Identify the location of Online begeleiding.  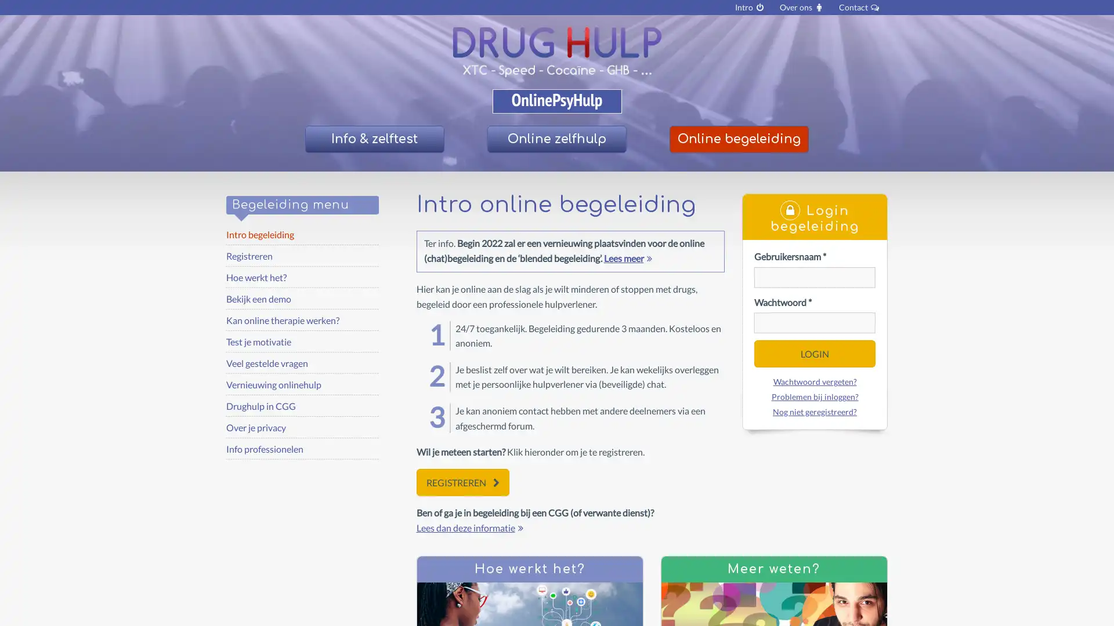
(737, 138).